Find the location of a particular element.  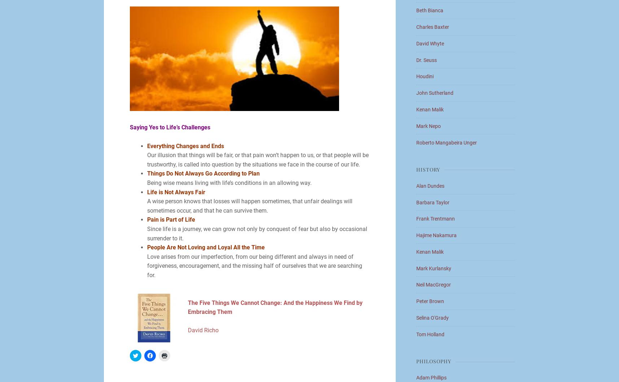

'Neil MacGregor' is located at coordinates (434, 284).